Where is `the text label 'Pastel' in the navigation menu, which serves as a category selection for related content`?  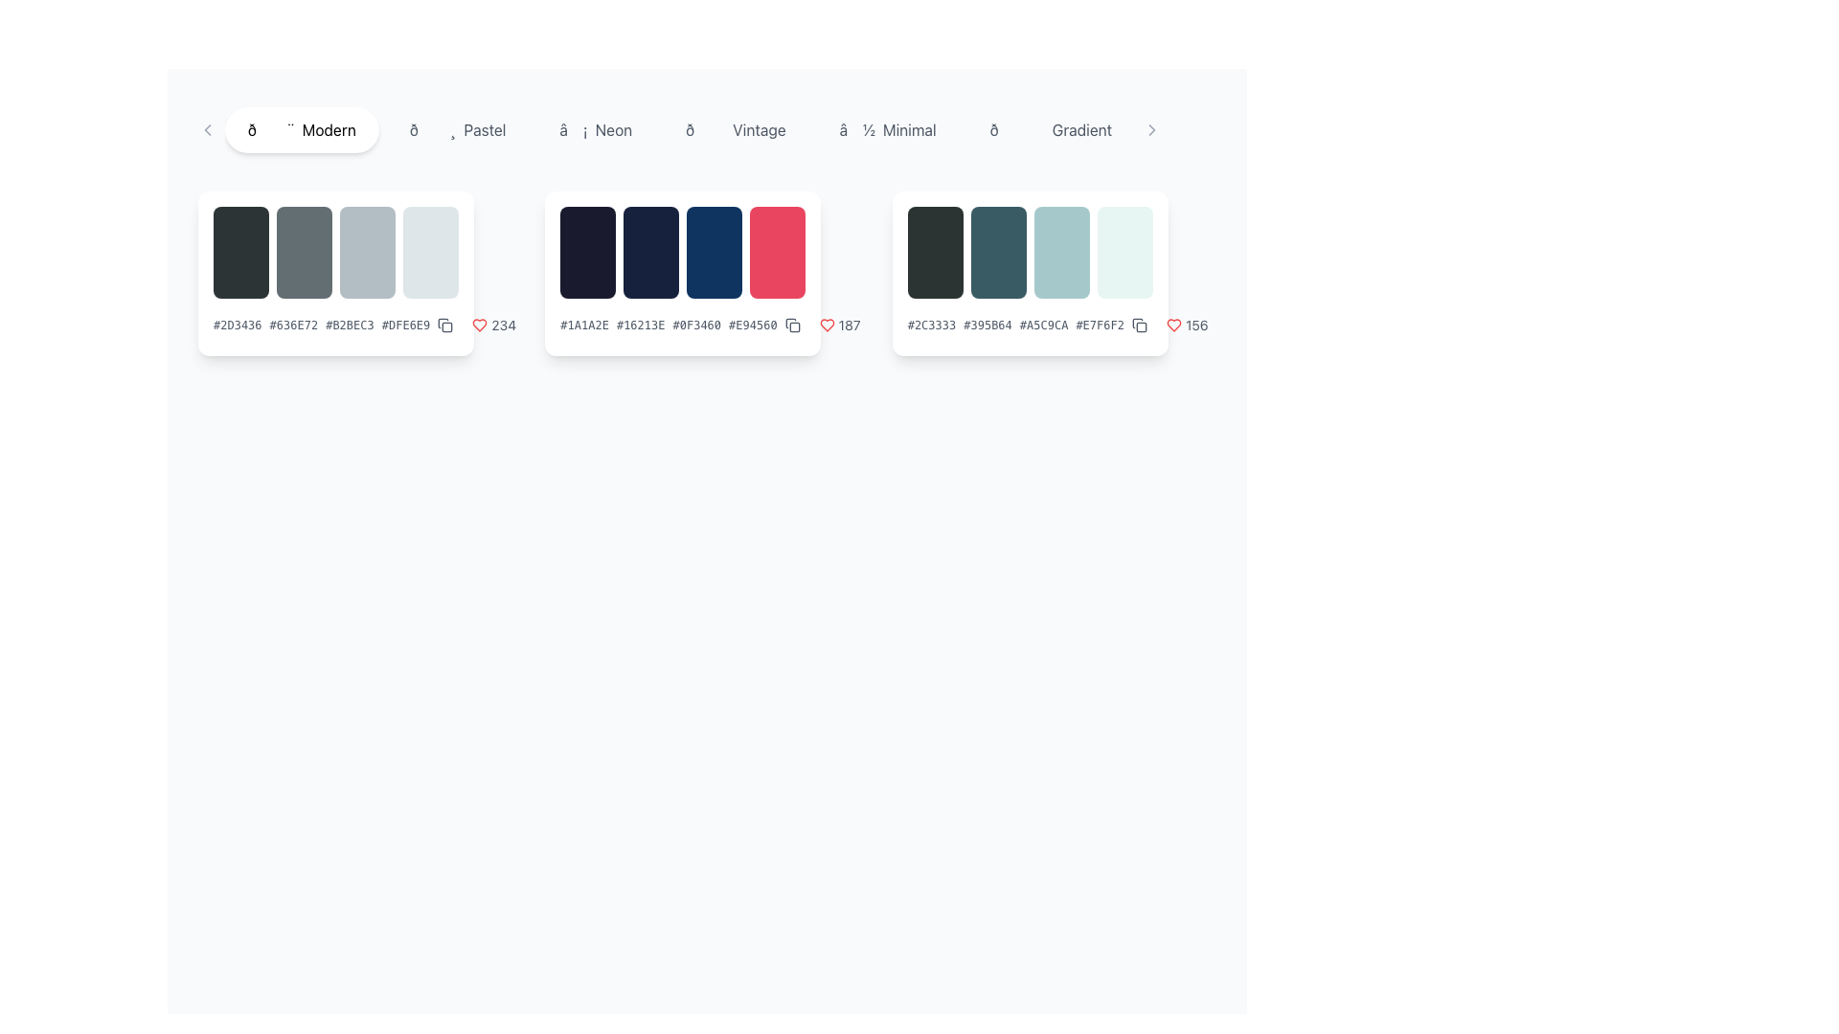 the text label 'Pastel' in the navigation menu, which serves as a category selection for related content is located at coordinates (485, 129).